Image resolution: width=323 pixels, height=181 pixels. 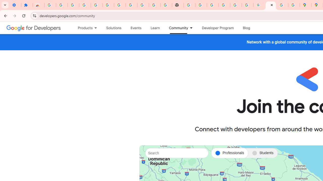 What do you see at coordinates (176, 28) in the screenshot?
I see `'Community, selected'` at bounding box center [176, 28].